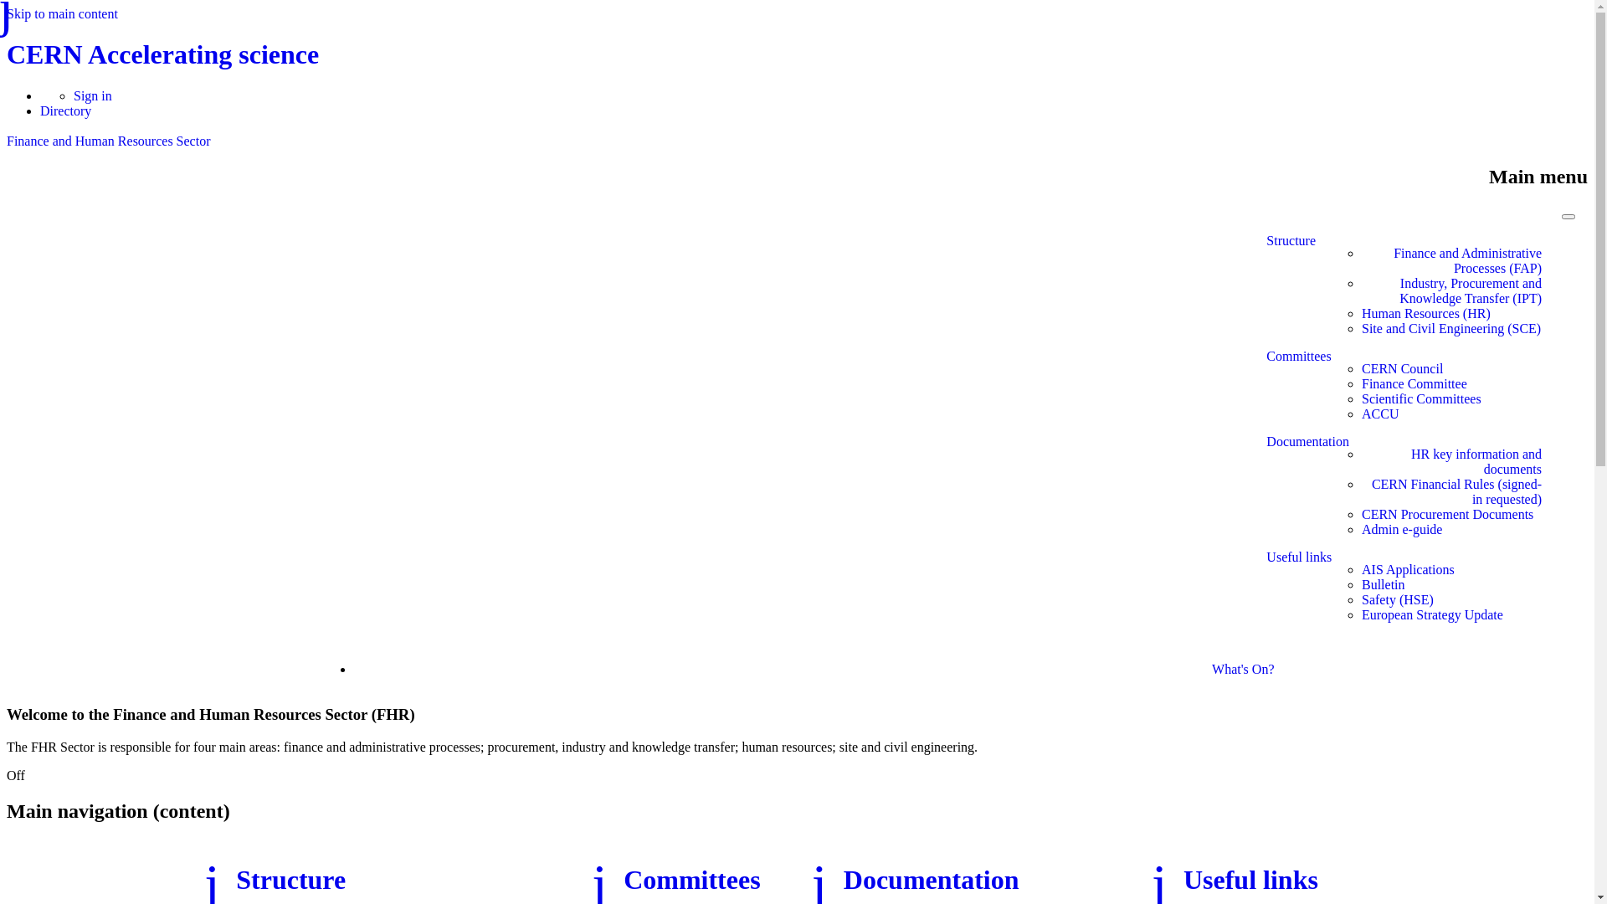 Image resolution: width=1607 pixels, height=904 pixels. Describe the element at coordinates (1402, 367) in the screenshot. I see `'CERN Council'` at that location.